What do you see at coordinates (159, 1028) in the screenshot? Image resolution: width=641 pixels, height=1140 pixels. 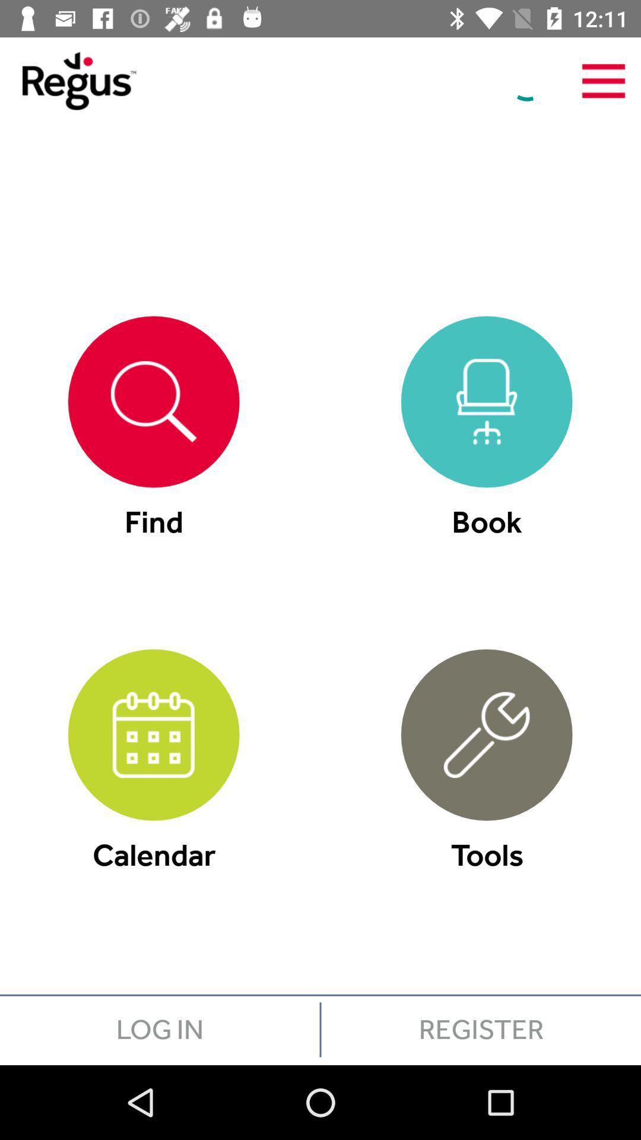 I see `the item below calendar` at bounding box center [159, 1028].